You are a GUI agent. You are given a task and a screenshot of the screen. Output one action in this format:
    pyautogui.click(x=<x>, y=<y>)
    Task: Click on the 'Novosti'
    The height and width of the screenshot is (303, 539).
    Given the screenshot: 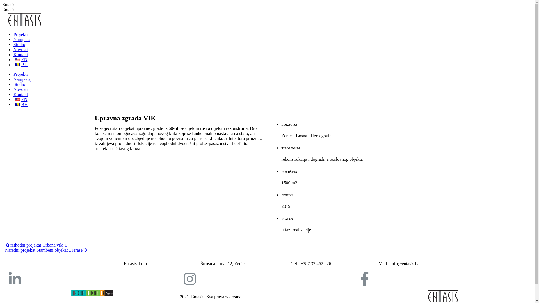 What is the action you would take?
    pyautogui.click(x=20, y=89)
    